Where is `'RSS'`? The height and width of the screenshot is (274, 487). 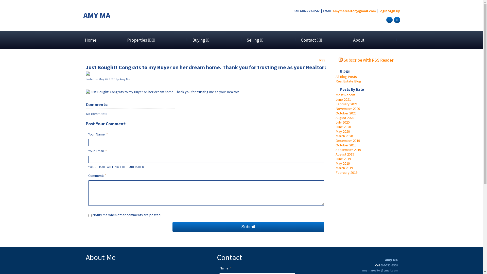
'RSS' is located at coordinates (322, 59).